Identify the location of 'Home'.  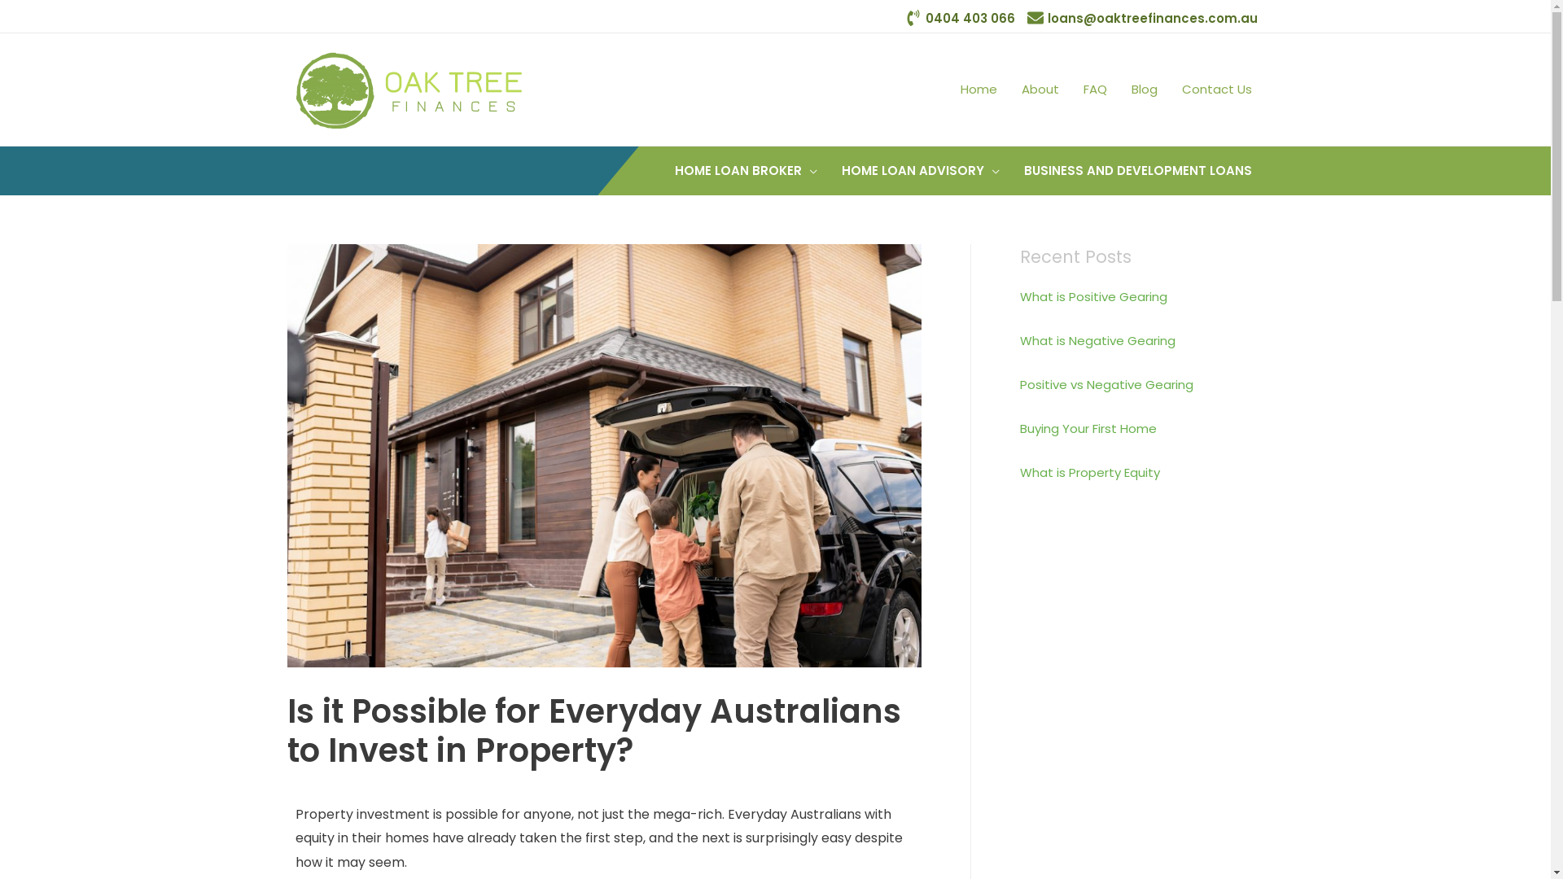
(947, 90).